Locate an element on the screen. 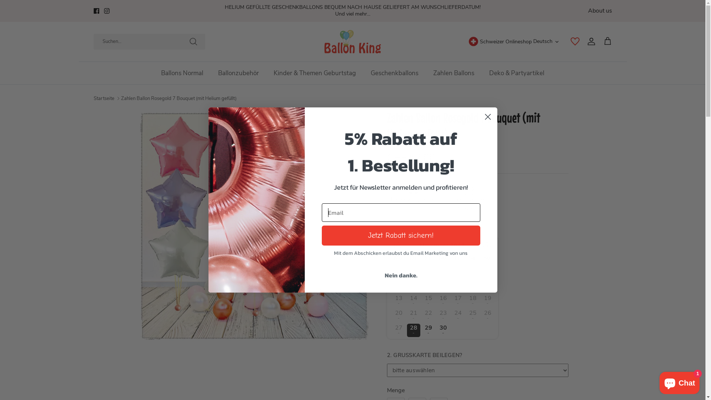 This screenshot has width=711, height=400. 'Onlineshop-Chat von Shopify' is located at coordinates (679, 381).